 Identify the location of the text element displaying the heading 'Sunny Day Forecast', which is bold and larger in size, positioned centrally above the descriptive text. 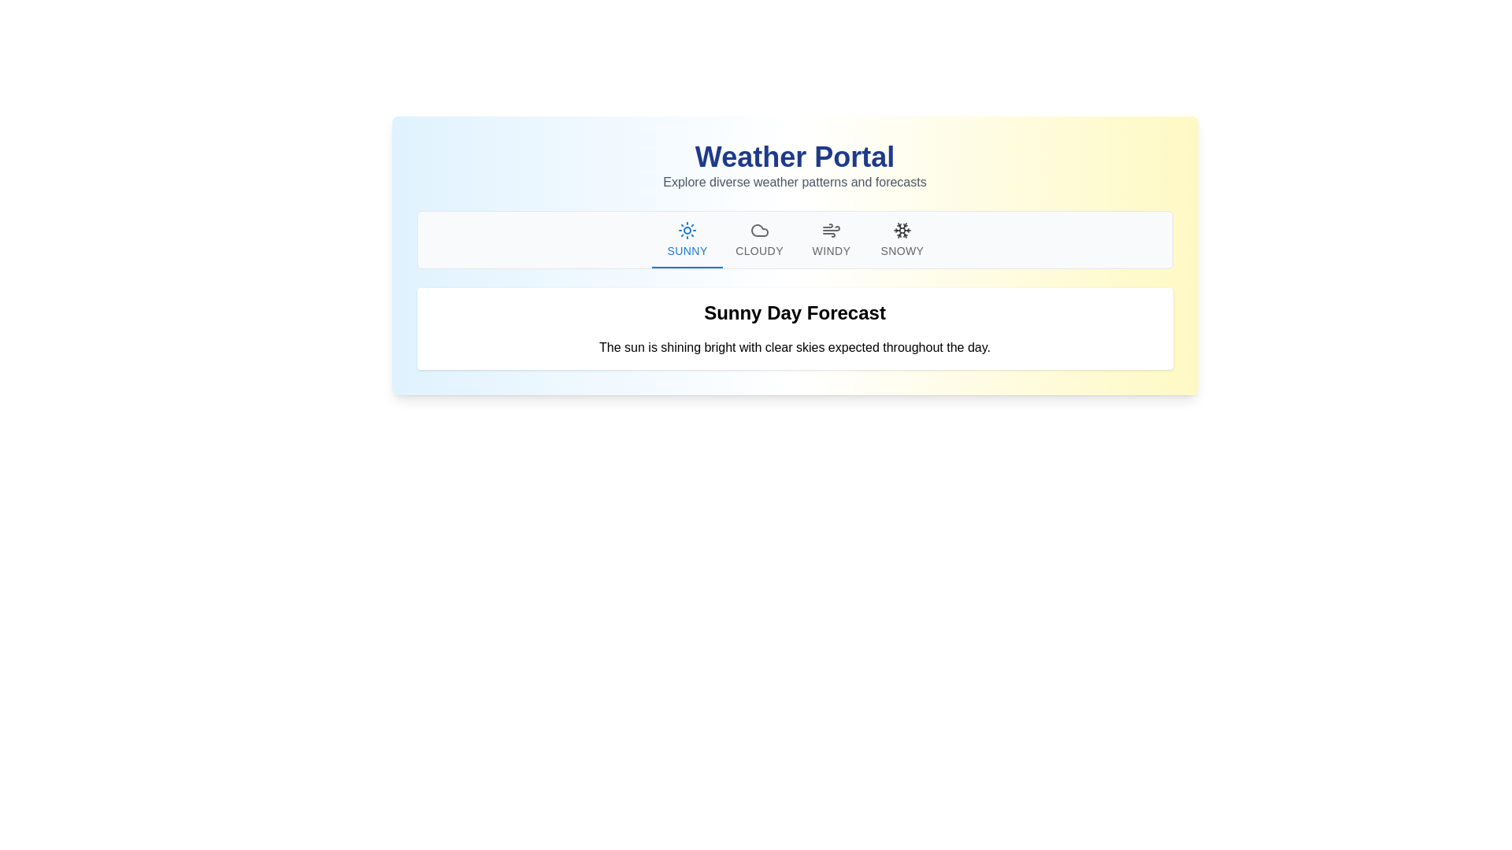
(795, 312).